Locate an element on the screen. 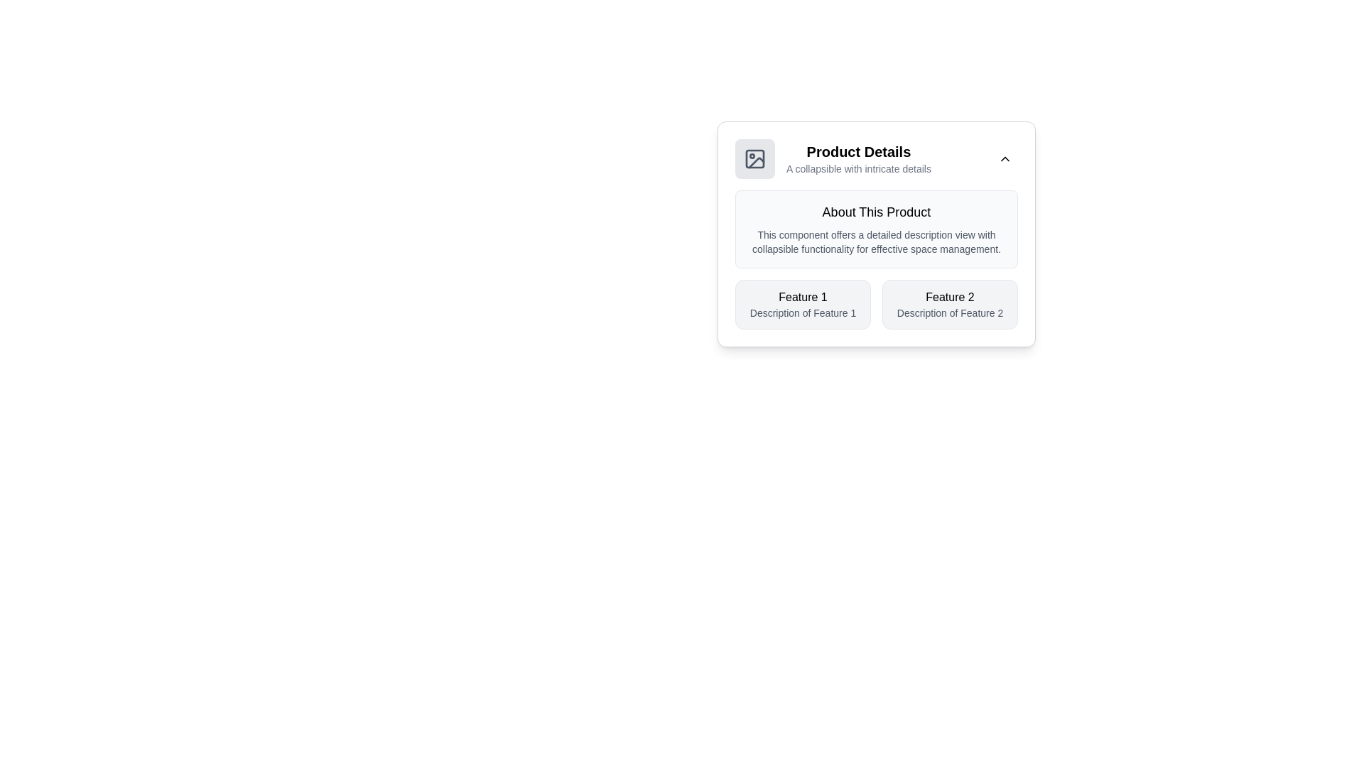 The image size is (1364, 767). the card with a light-gray background that displays 'Feature 1' in bold font and 'Description of Feature 1' below it, located in the first column of a two-column grid below 'About This Product' is located at coordinates (803, 303).